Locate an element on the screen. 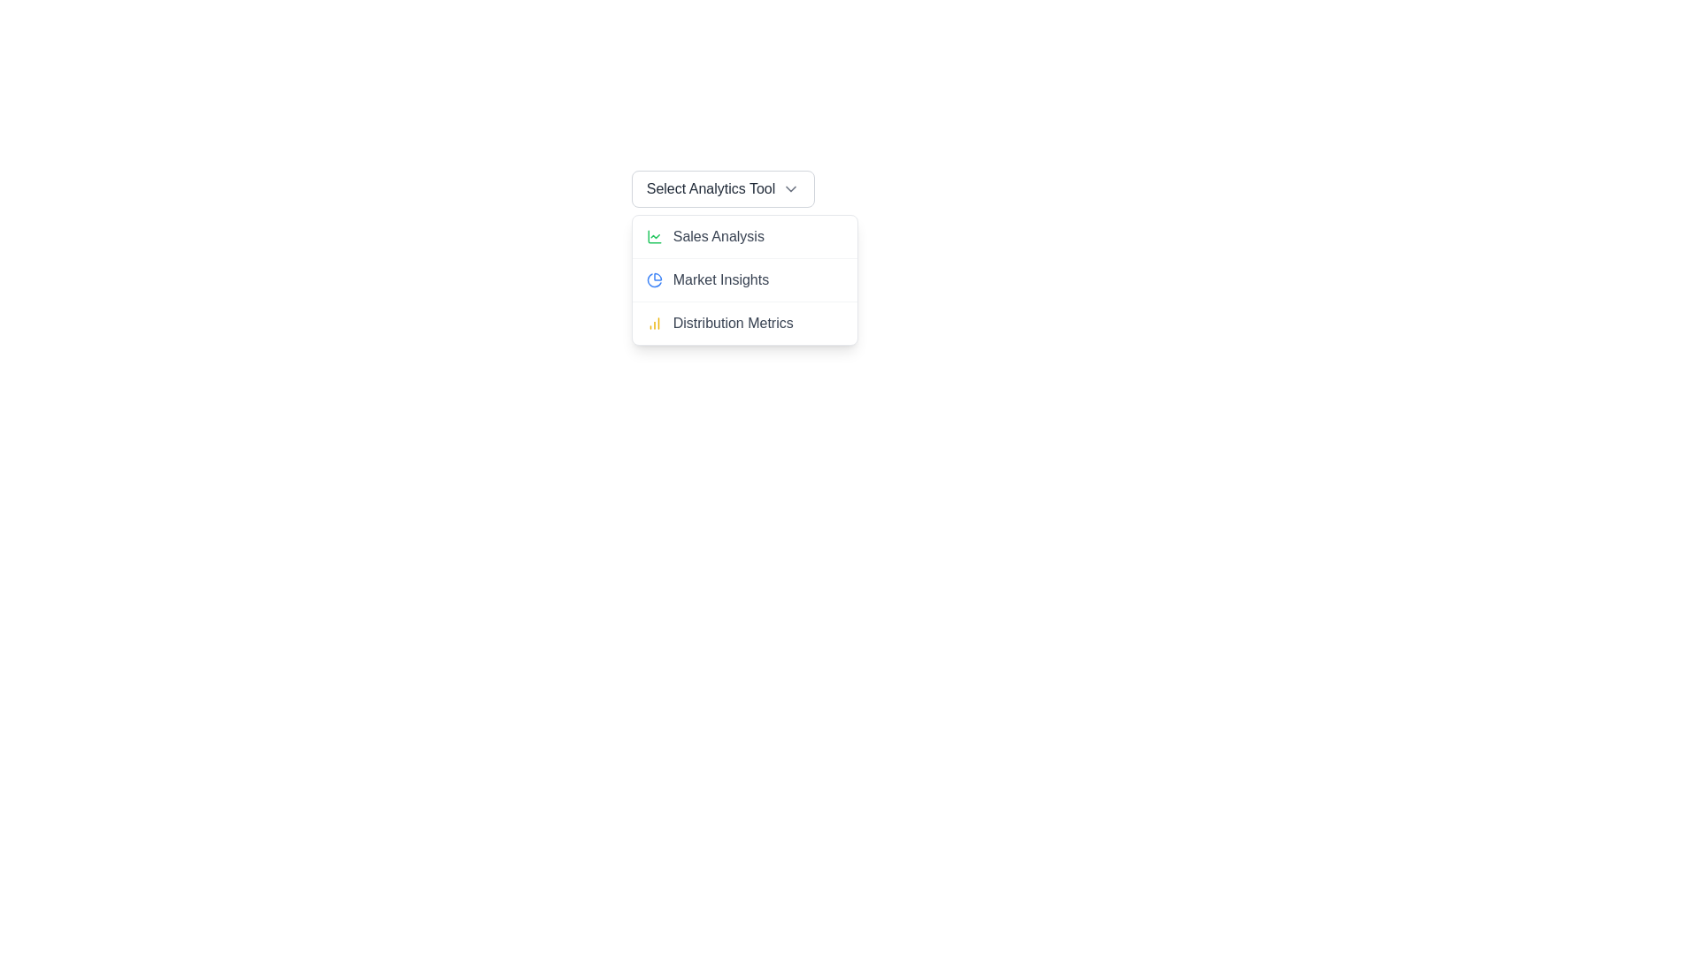 This screenshot has height=955, width=1699. the 'Sales Analysis' text label in the drop-down menu under 'Select Analytics Tool' is located at coordinates (719, 235).